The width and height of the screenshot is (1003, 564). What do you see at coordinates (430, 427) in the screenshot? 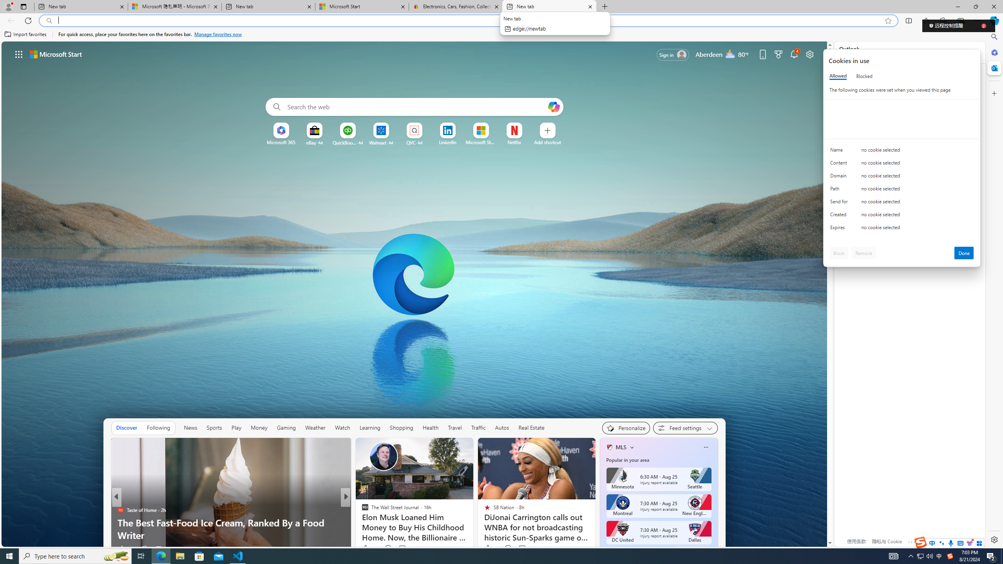
I see `'Health'` at bounding box center [430, 427].